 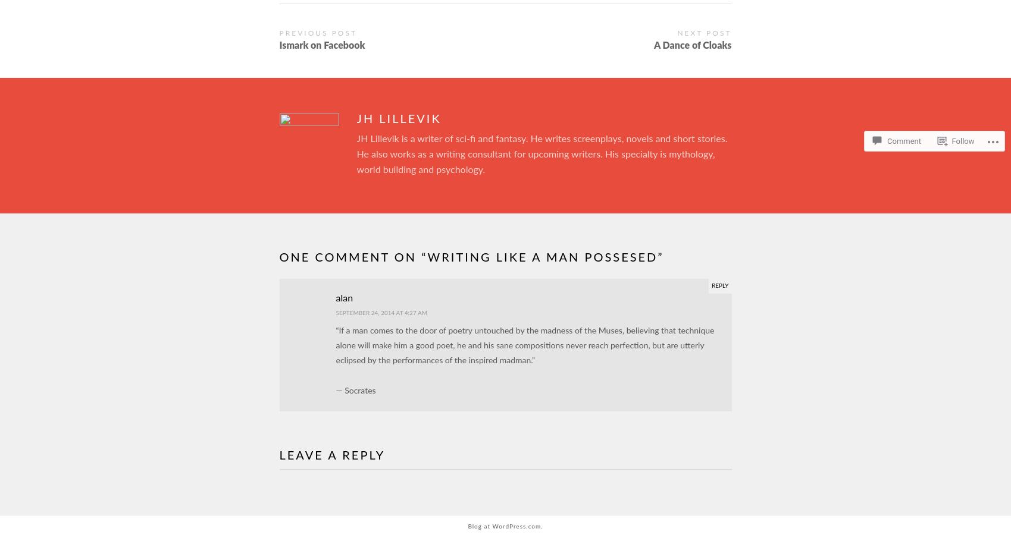 What do you see at coordinates (541, 154) in the screenshot?
I see `'JH Lillevik is a writer of sci-fi and fantasy. He writes screenplays, novels and short stories. He also works as a writing consultant for upcoming writers. His specialty is mythology, world building and psychology.'` at bounding box center [541, 154].